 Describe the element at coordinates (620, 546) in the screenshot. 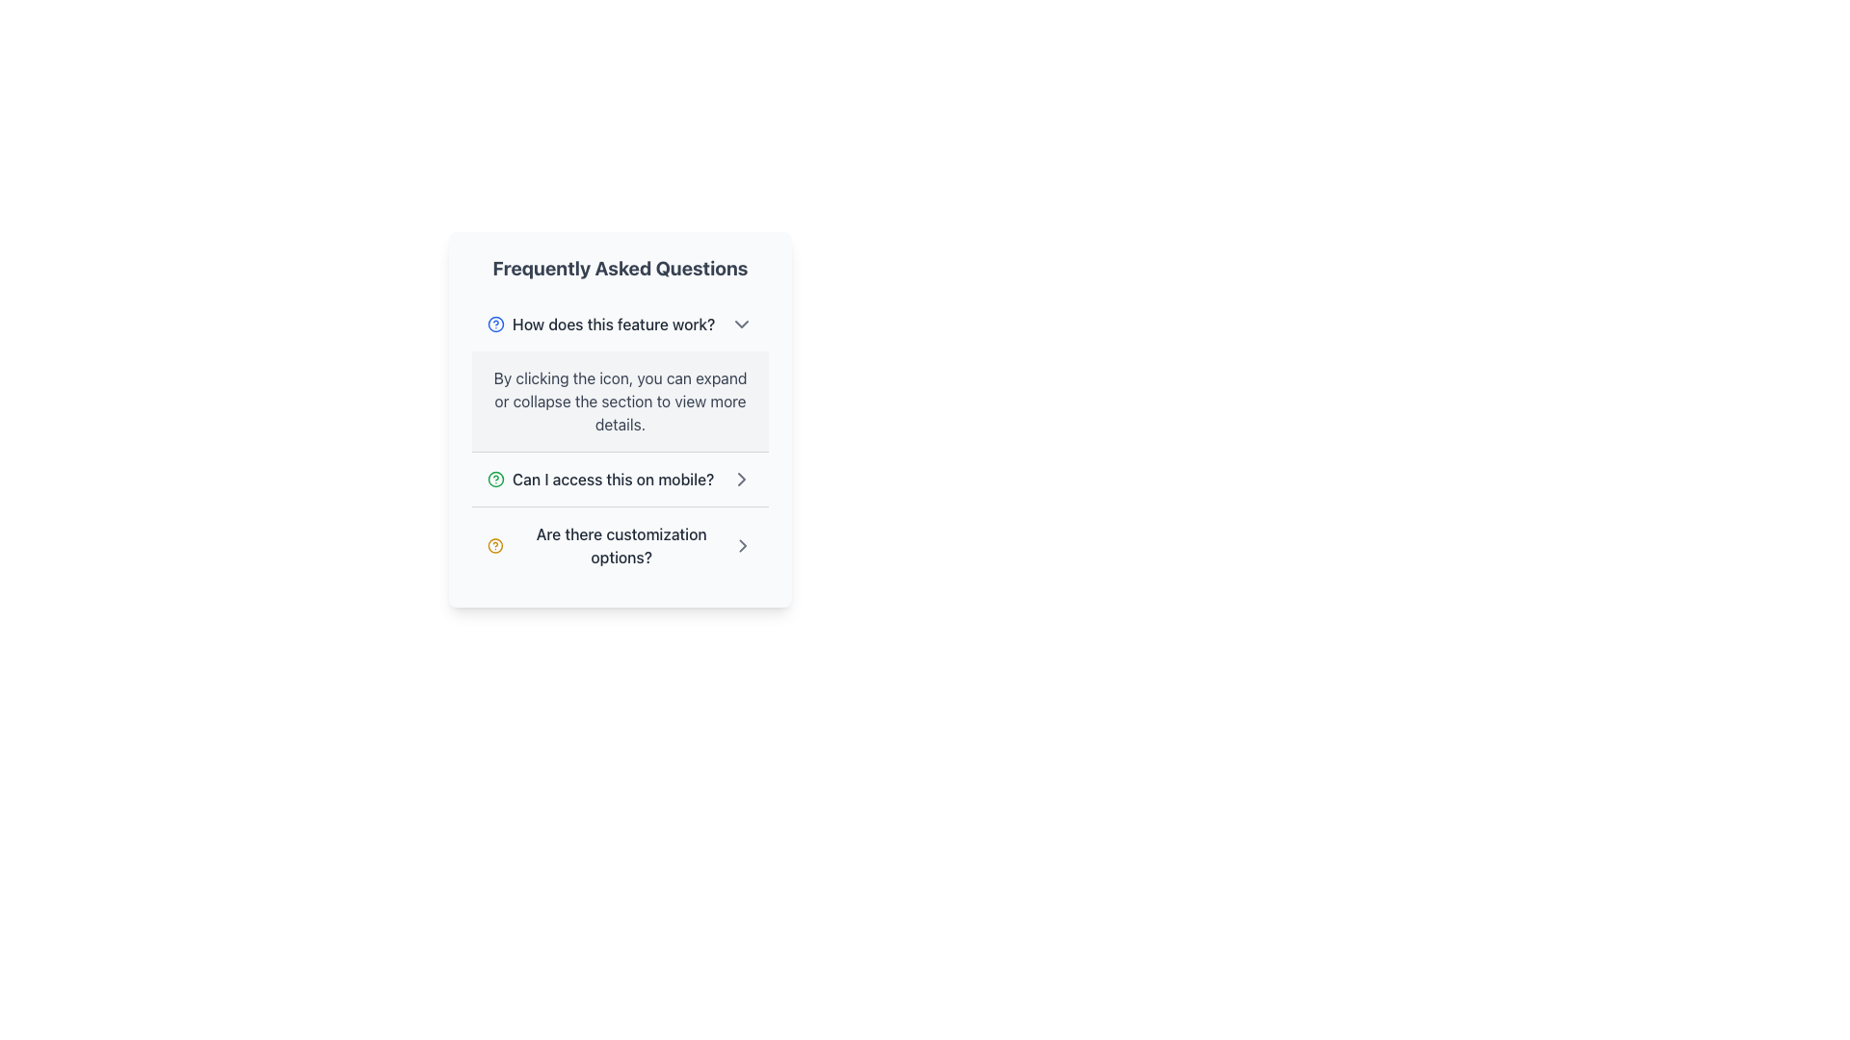

I see `the third FAQ entry which contains the question 'Are there customization options?' with a golden question mark icon and a gray chevron pointing right` at that location.